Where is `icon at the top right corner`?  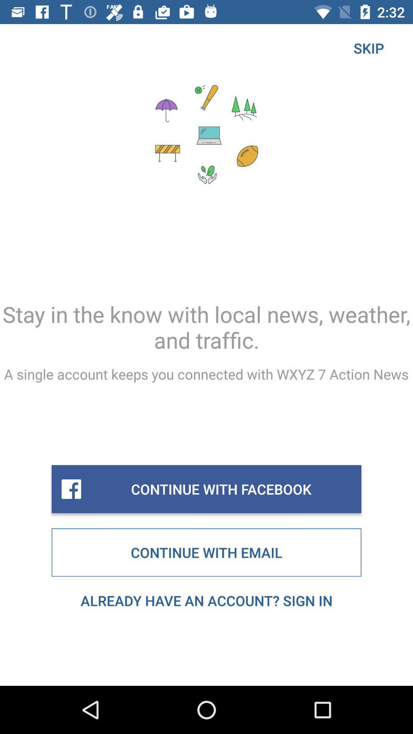
icon at the top right corner is located at coordinates (368, 47).